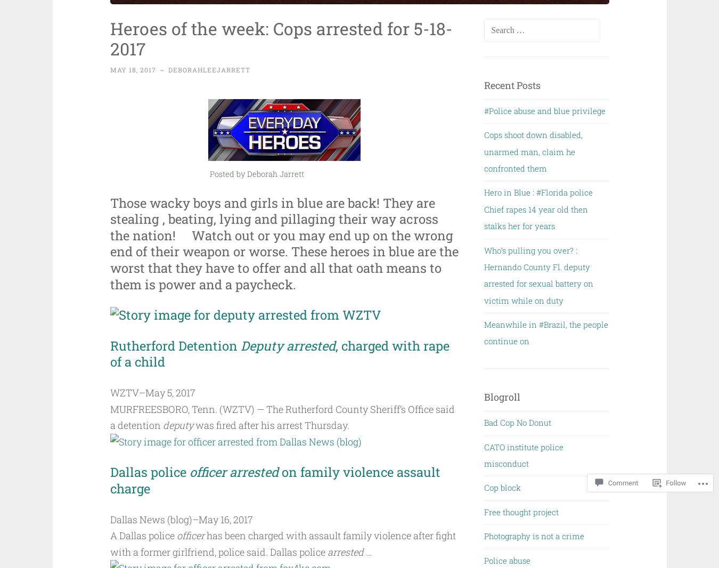  Describe the element at coordinates (345, 551) in the screenshot. I see `'arrested'` at that location.